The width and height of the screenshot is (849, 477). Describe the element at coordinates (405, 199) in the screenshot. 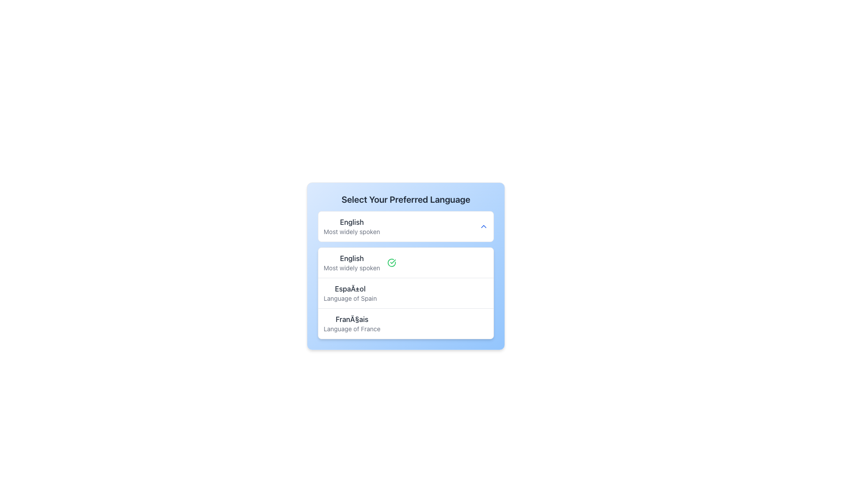

I see `the text label that serves as a heading or title, indicating the purpose of the section for language selection` at that location.